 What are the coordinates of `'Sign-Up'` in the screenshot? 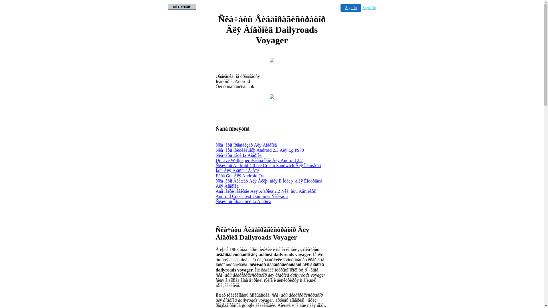 It's located at (369, 8).